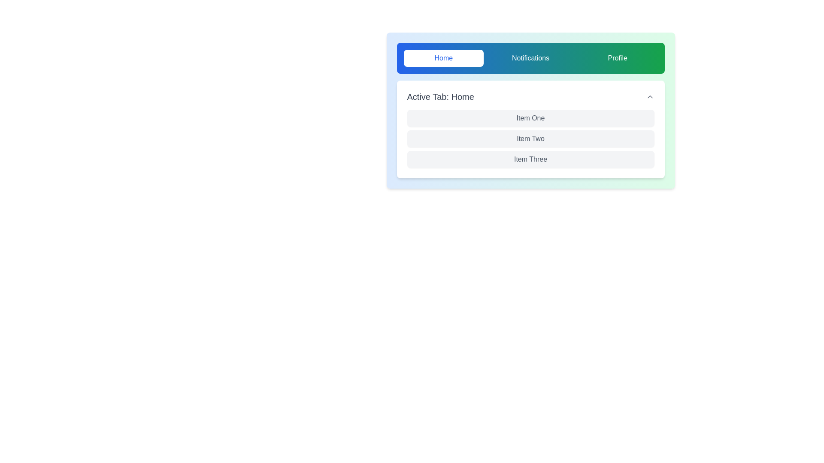  Describe the element at coordinates (530, 58) in the screenshot. I see `the 'Notifications' button located in the horizontal navigation bar at the top of the interface` at that location.